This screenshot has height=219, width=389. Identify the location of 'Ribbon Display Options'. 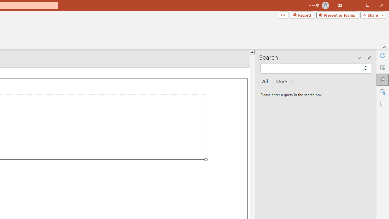
(339, 5).